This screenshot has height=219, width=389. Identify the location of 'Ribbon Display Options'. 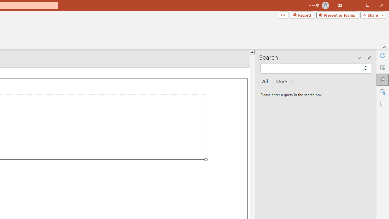
(339, 5).